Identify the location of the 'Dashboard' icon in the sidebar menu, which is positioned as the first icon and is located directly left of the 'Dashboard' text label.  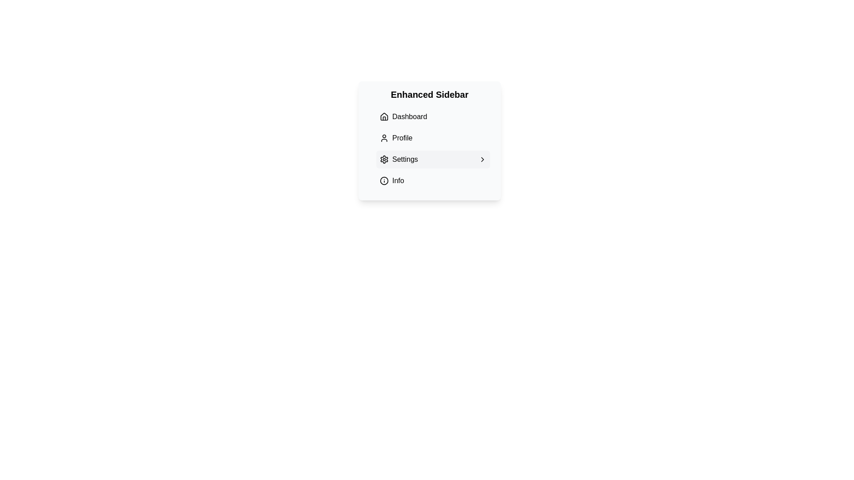
(384, 116).